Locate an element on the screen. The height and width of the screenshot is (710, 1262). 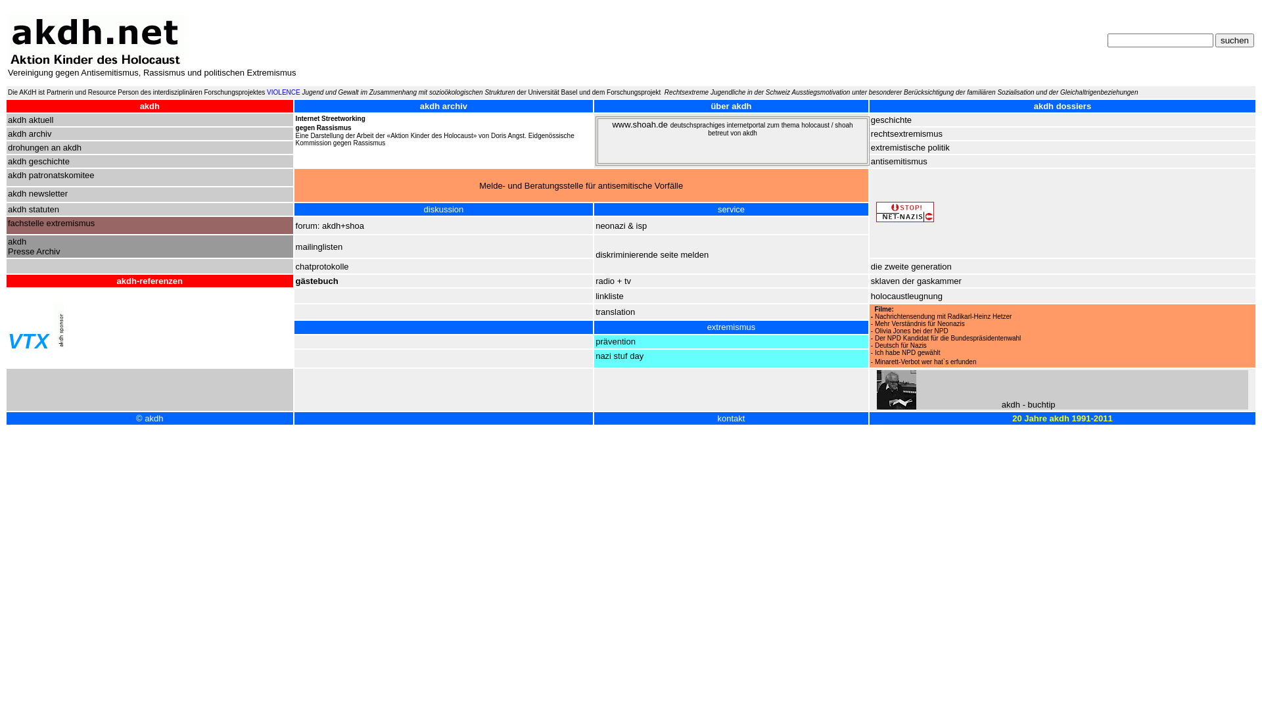
'VIOLENCE' is located at coordinates (283, 91).